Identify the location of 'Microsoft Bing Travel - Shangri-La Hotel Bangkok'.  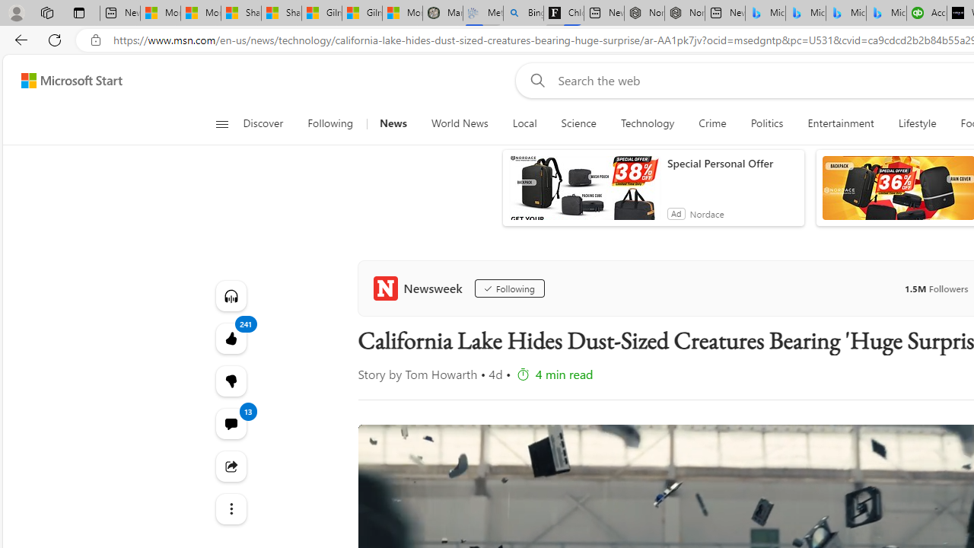
(886, 13).